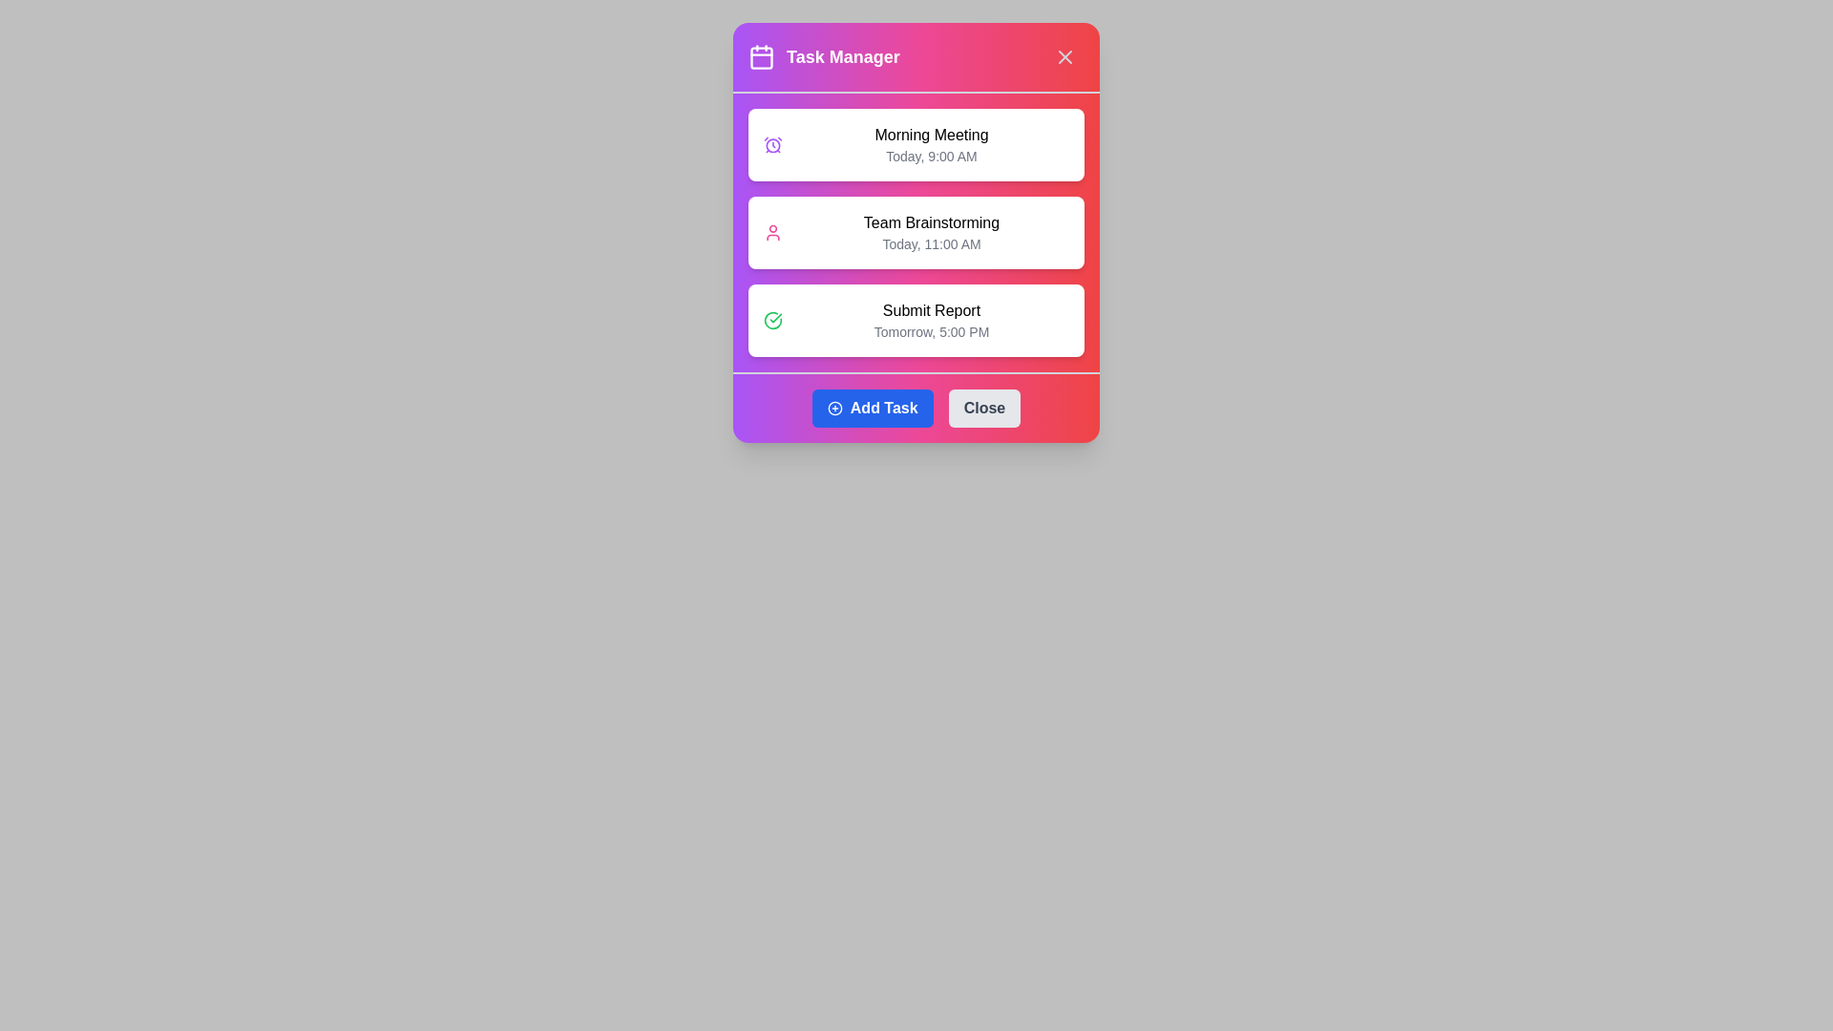  Describe the element at coordinates (931, 143) in the screenshot. I see `the 'Morning Meeting' title and description block, which is the first entry in a vertical list within the Task Manager window, located right of a purple clock icon` at that location.